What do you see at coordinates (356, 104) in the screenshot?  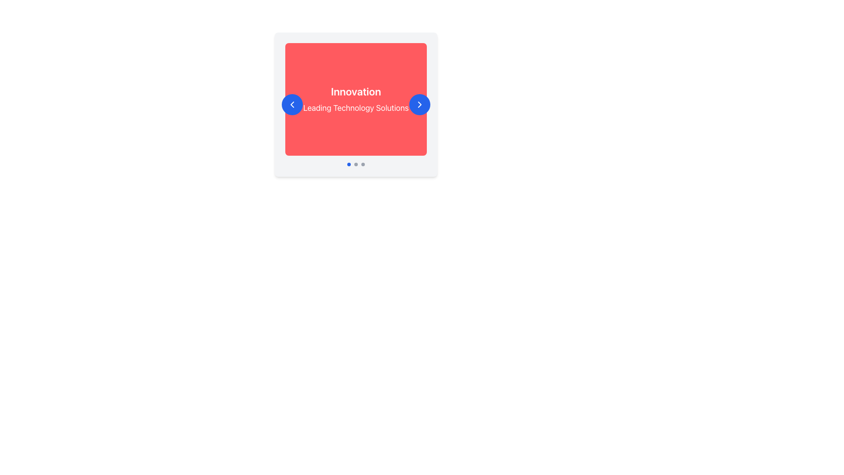 I see `the center of the Carousel Slide displaying 'Innovation' and 'Leading Technology Solutions' to change the slide` at bounding box center [356, 104].